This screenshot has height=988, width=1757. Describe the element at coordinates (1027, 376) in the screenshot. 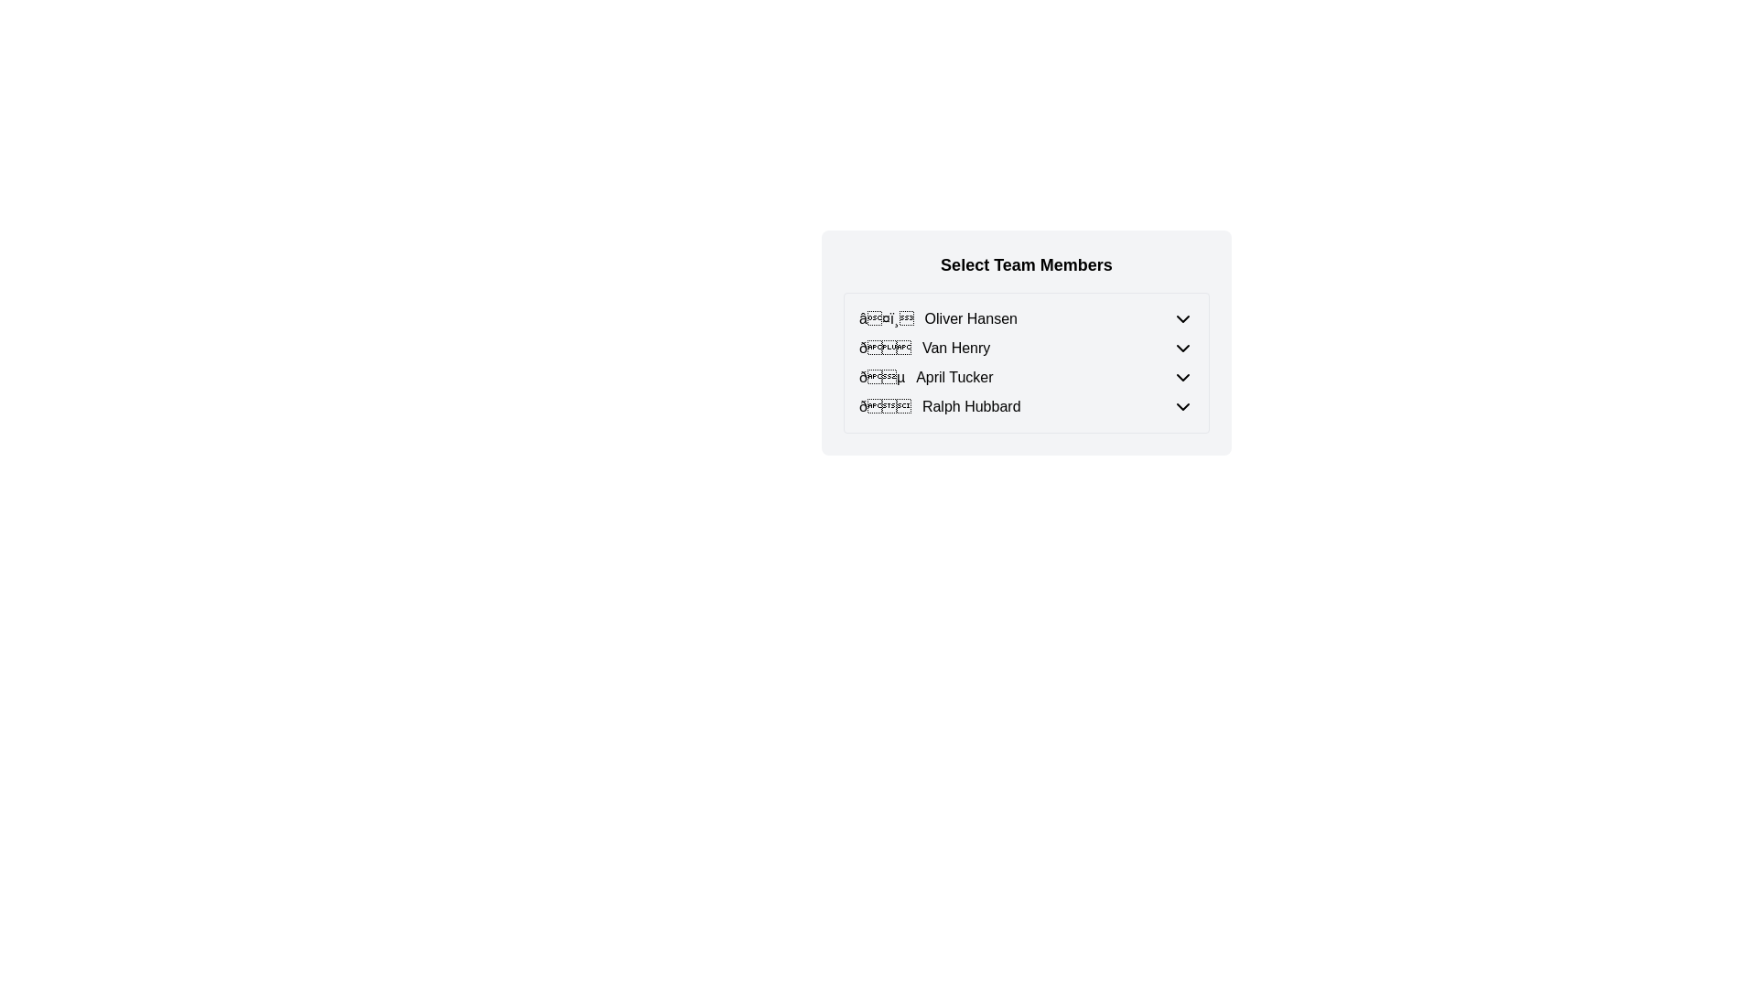

I see `the third list item labeled 'April Tucker' with a dropdown toggle` at that location.